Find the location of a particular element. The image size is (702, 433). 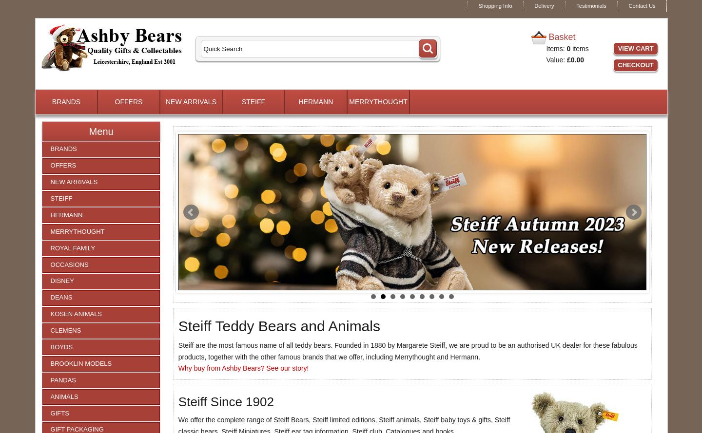

'MERRYTHOUGHT' is located at coordinates (377, 101).